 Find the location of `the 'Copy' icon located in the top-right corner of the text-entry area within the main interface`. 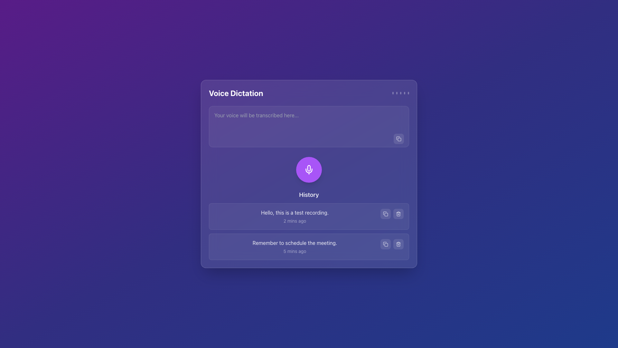

the 'Copy' icon located in the top-right corner of the text-entry area within the main interface is located at coordinates (398, 138).